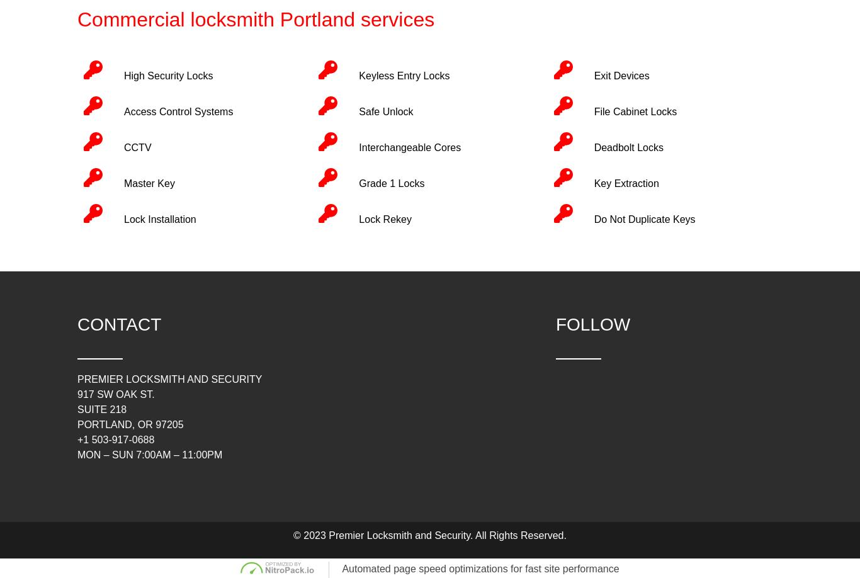 The height and width of the screenshot is (578, 860). Describe the element at coordinates (76, 378) in the screenshot. I see `'Premier Locksmith and Security'` at that location.